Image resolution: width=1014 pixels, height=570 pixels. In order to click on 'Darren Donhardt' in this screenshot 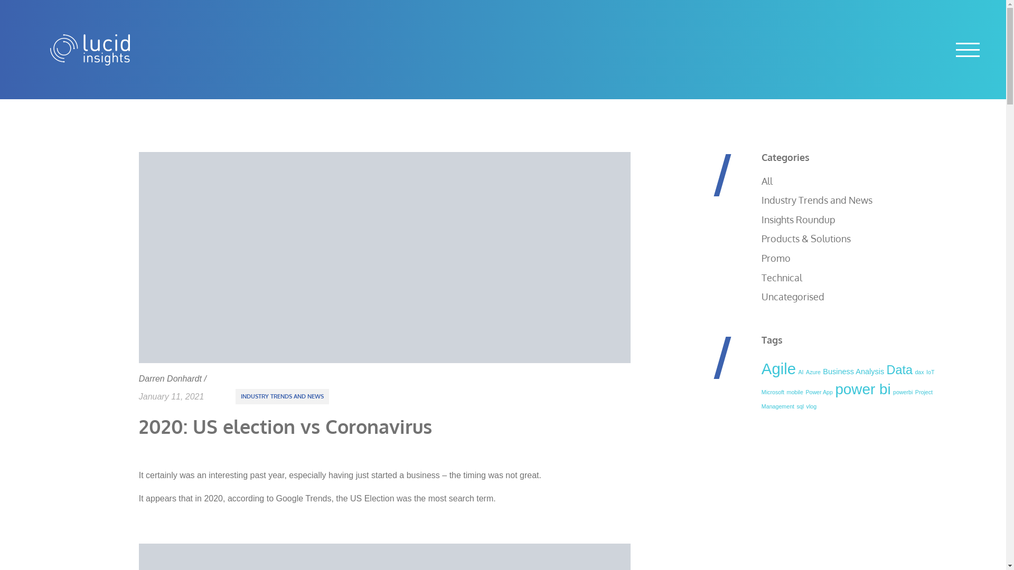, I will do `click(170, 378)`.